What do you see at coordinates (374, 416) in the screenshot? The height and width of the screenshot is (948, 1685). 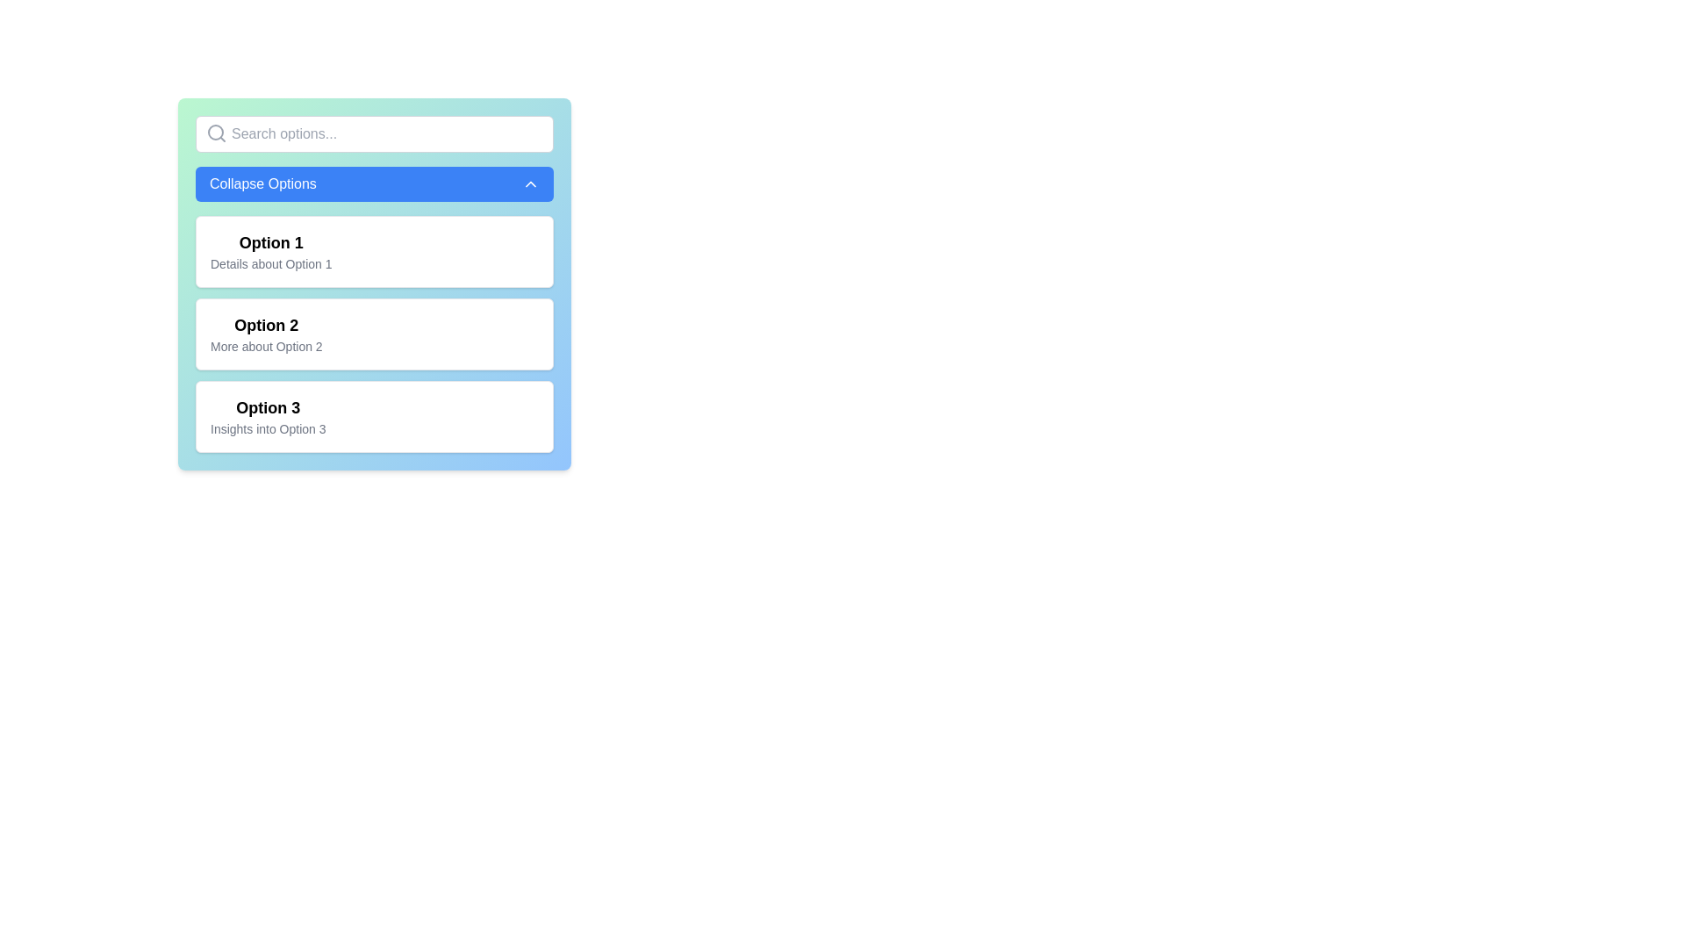 I see `the Card component that represents 'Option 3' in the selectable list, positioned below 'Option 2'` at bounding box center [374, 416].